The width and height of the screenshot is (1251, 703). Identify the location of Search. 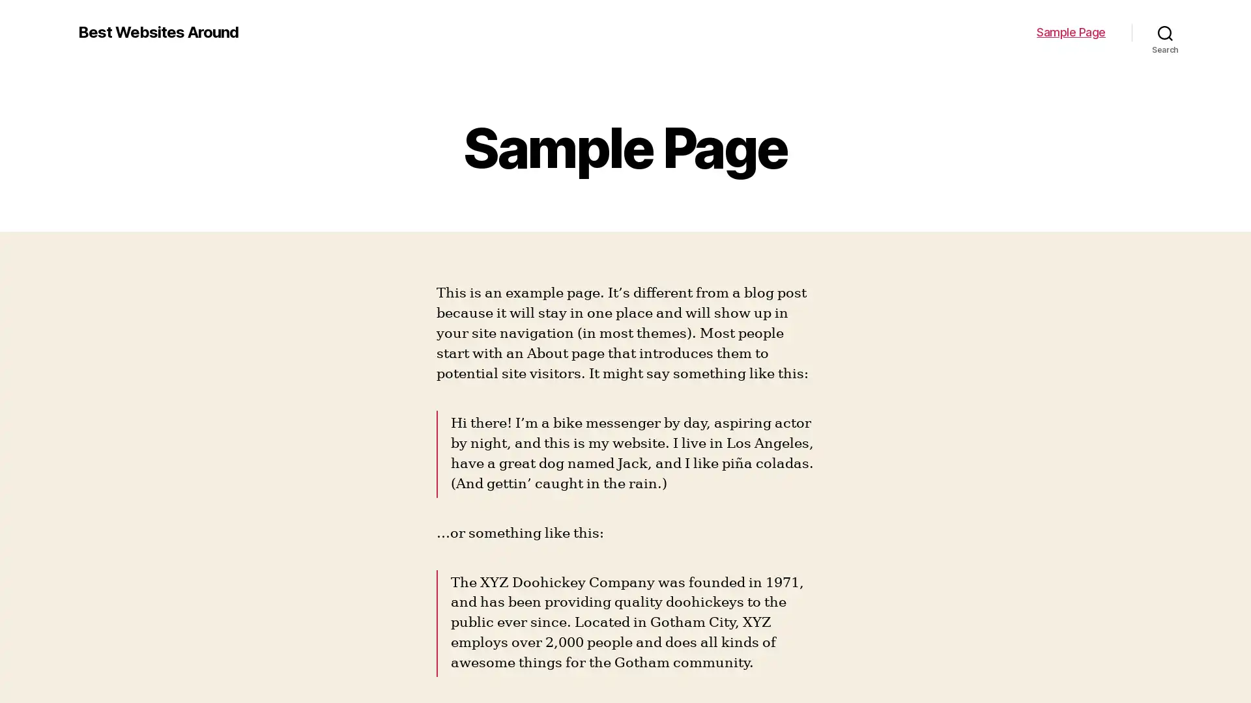
(1165, 32).